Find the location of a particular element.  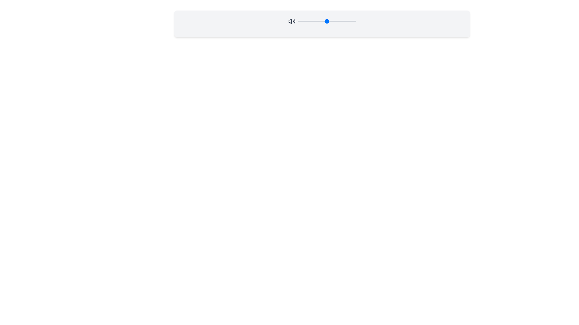

volume level is located at coordinates (338, 21).